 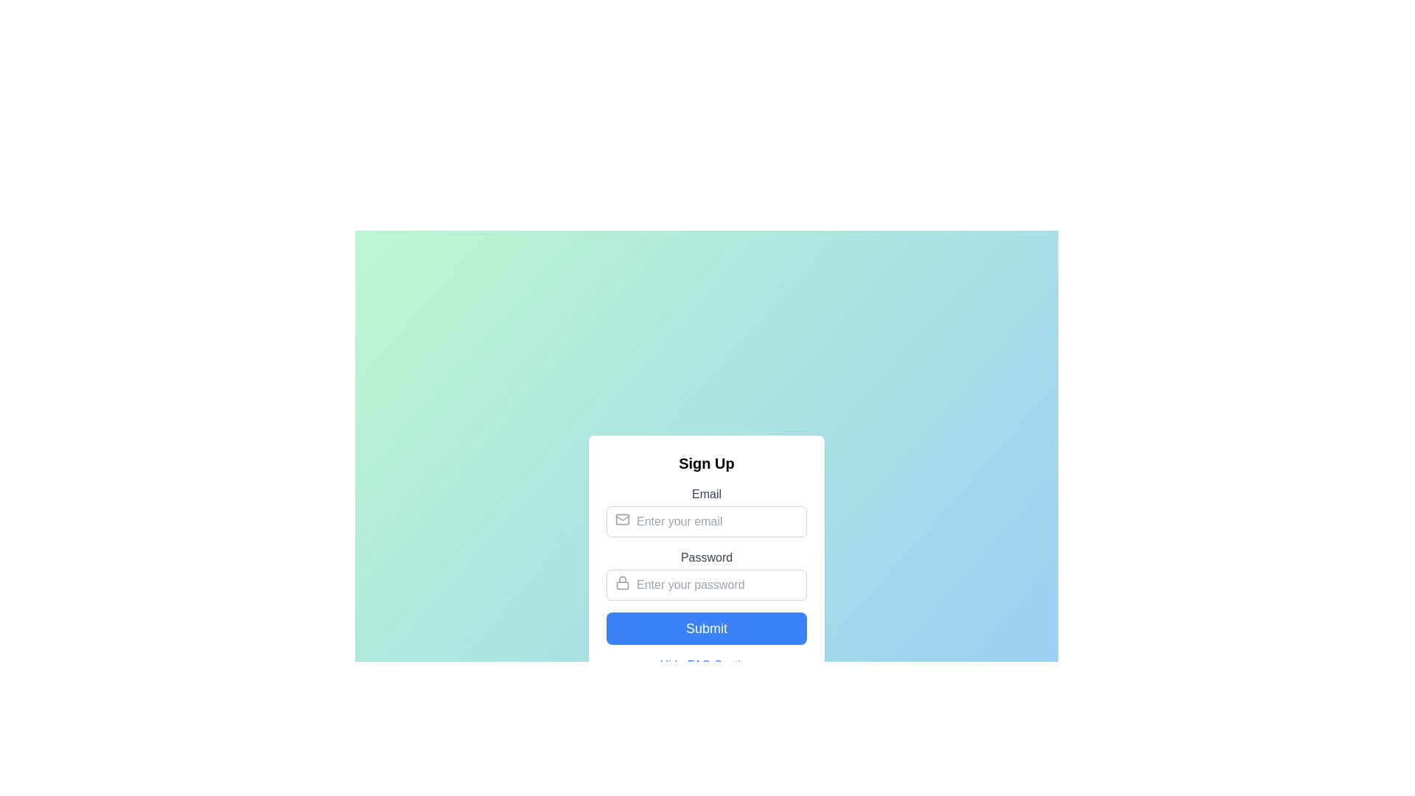 What do you see at coordinates (706, 462) in the screenshot?
I see `the static text header element that serves as the title for the section, positioned centrally above the 'Email' label and input element` at bounding box center [706, 462].